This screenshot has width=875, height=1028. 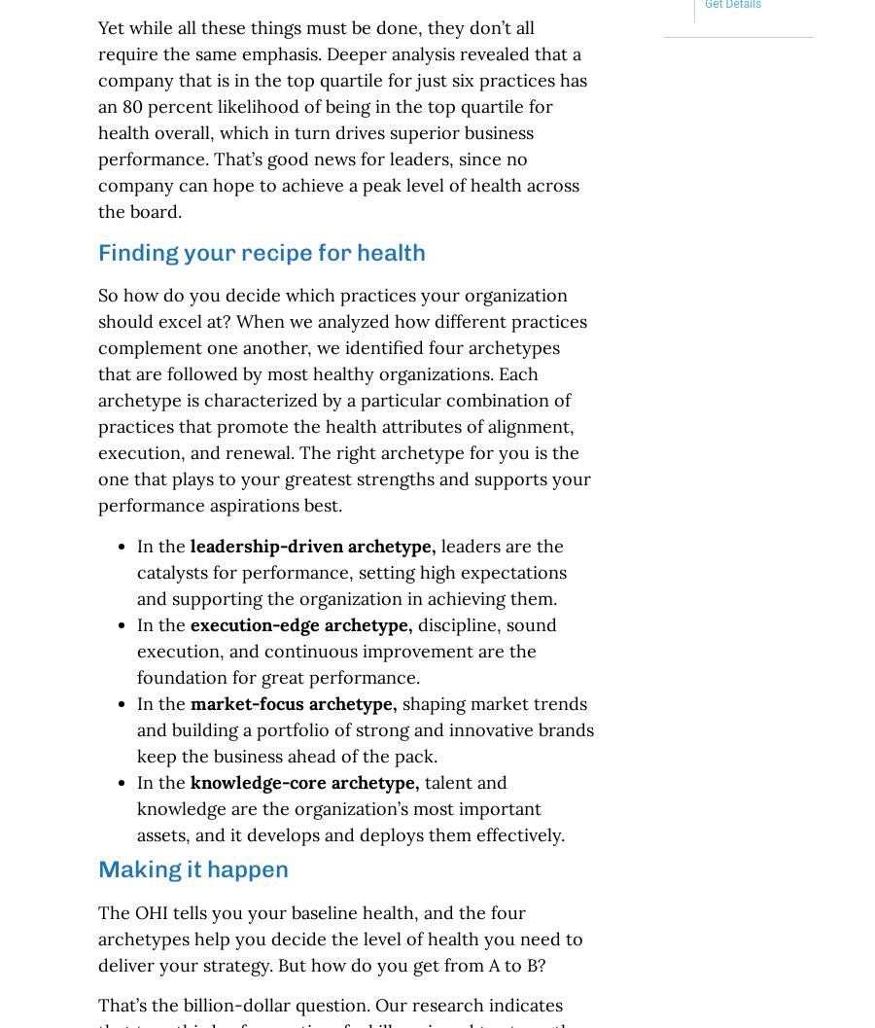 I want to click on 'The OHI tells you your baseline health, and the four archetypes help you decide the level of health you need to deliver your strategy. But how do you get from A to B?', so click(x=339, y=938).